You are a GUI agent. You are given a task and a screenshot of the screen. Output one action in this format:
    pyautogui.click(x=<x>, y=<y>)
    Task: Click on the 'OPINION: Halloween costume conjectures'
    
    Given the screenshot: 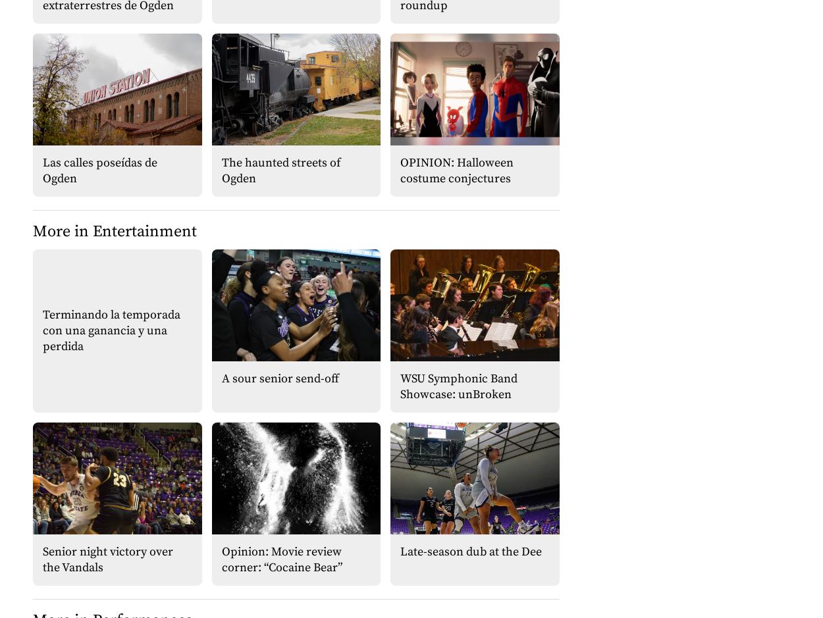 What is the action you would take?
    pyautogui.click(x=456, y=169)
    